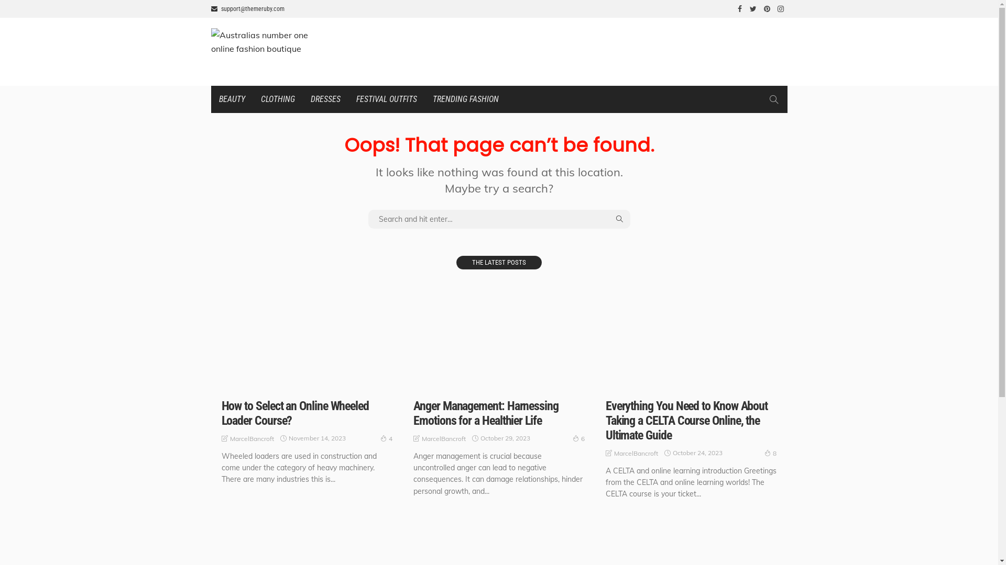 This screenshot has width=1006, height=565. What do you see at coordinates (739, 8) in the screenshot?
I see `'facebook'` at bounding box center [739, 8].